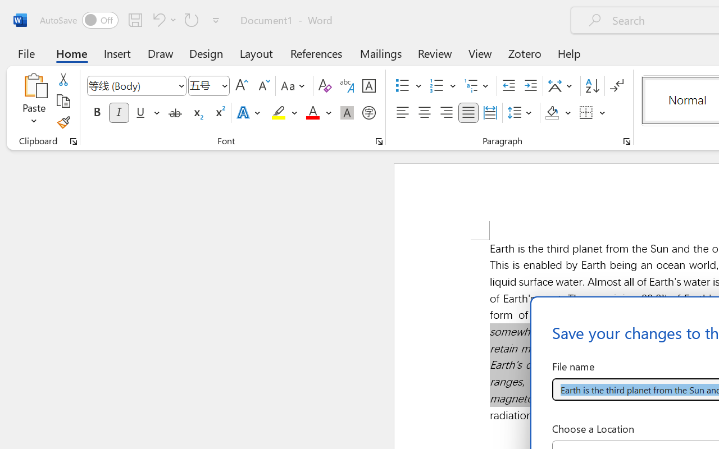 Image resolution: width=719 pixels, height=449 pixels. Describe the element at coordinates (119, 113) in the screenshot. I see `'Italic'` at that location.